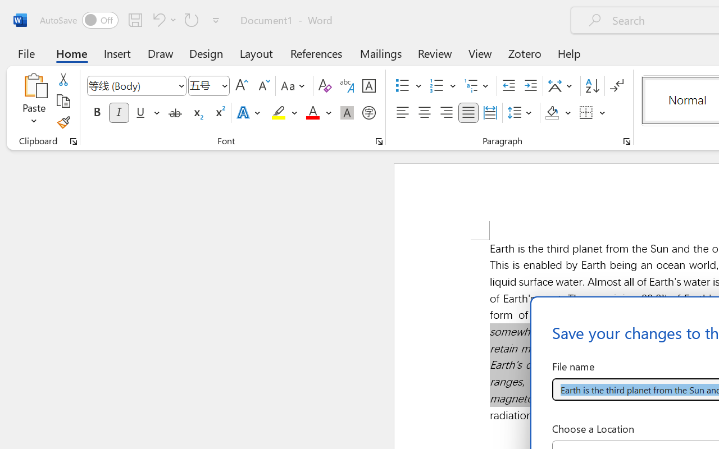 Image resolution: width=719 pixels, height=449 pixels. Describe the element at coordinates (119, 113) in the screenshot. I see `'Italic'` at that location.